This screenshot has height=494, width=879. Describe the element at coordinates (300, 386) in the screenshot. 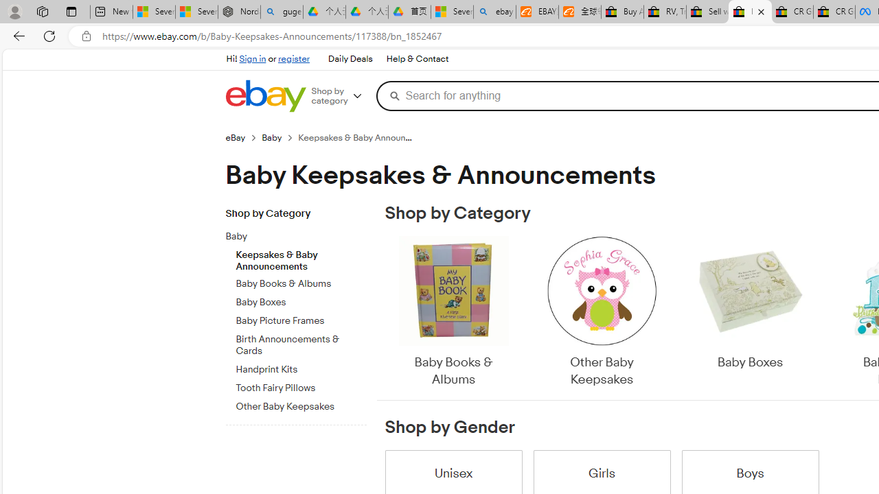

I see `'Tooth Fairy Pillows'` at that location.